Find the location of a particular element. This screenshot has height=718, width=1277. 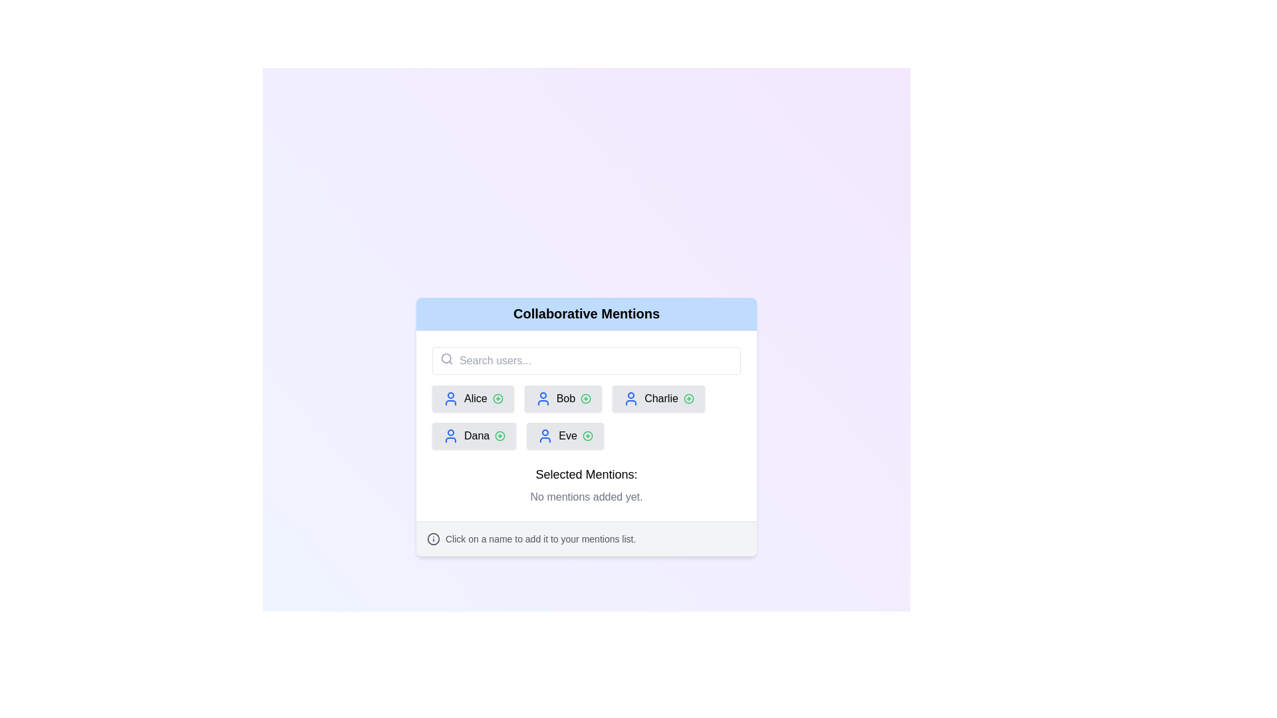

the clickable button for the 'Eve' user, which is the fifth button in a row of user options on the second row is located at coordinates (565, 435).